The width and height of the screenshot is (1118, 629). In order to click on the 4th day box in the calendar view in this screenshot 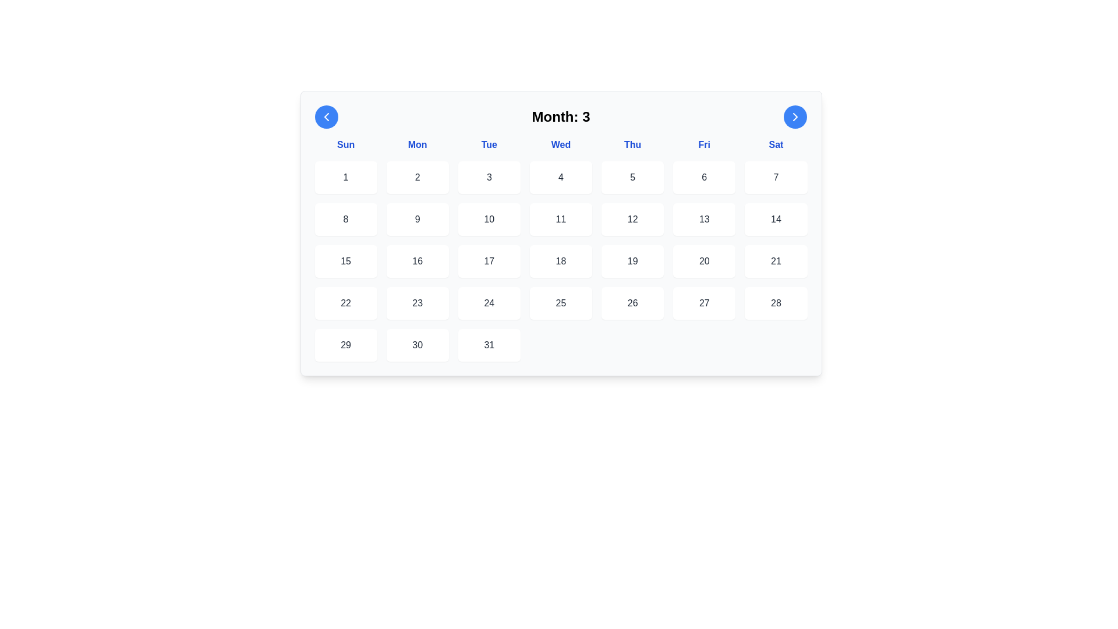, I will do `click(561, 177)`.